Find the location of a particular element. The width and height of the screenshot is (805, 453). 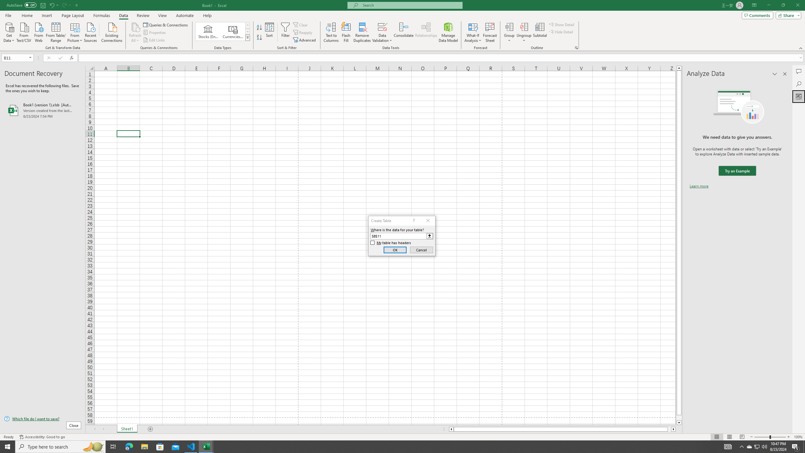

'Relationships' is located at coordinates (426, 32).